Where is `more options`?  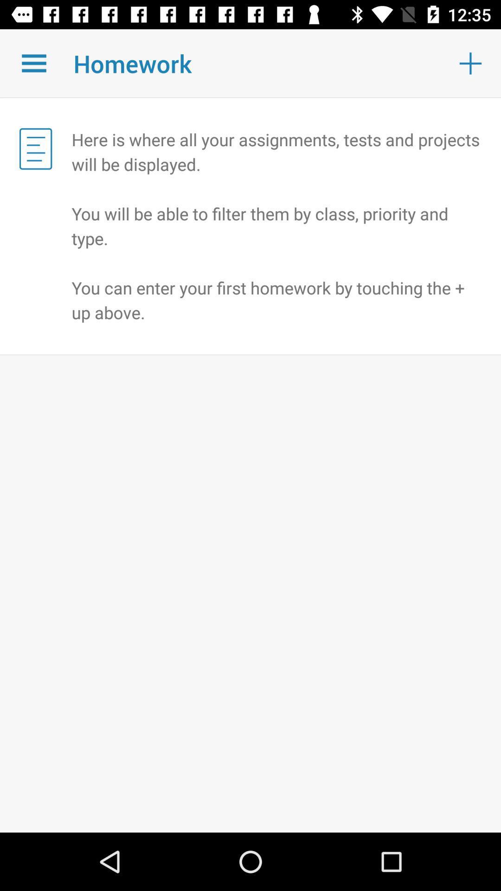
more options is located at coordinates (33, 63).